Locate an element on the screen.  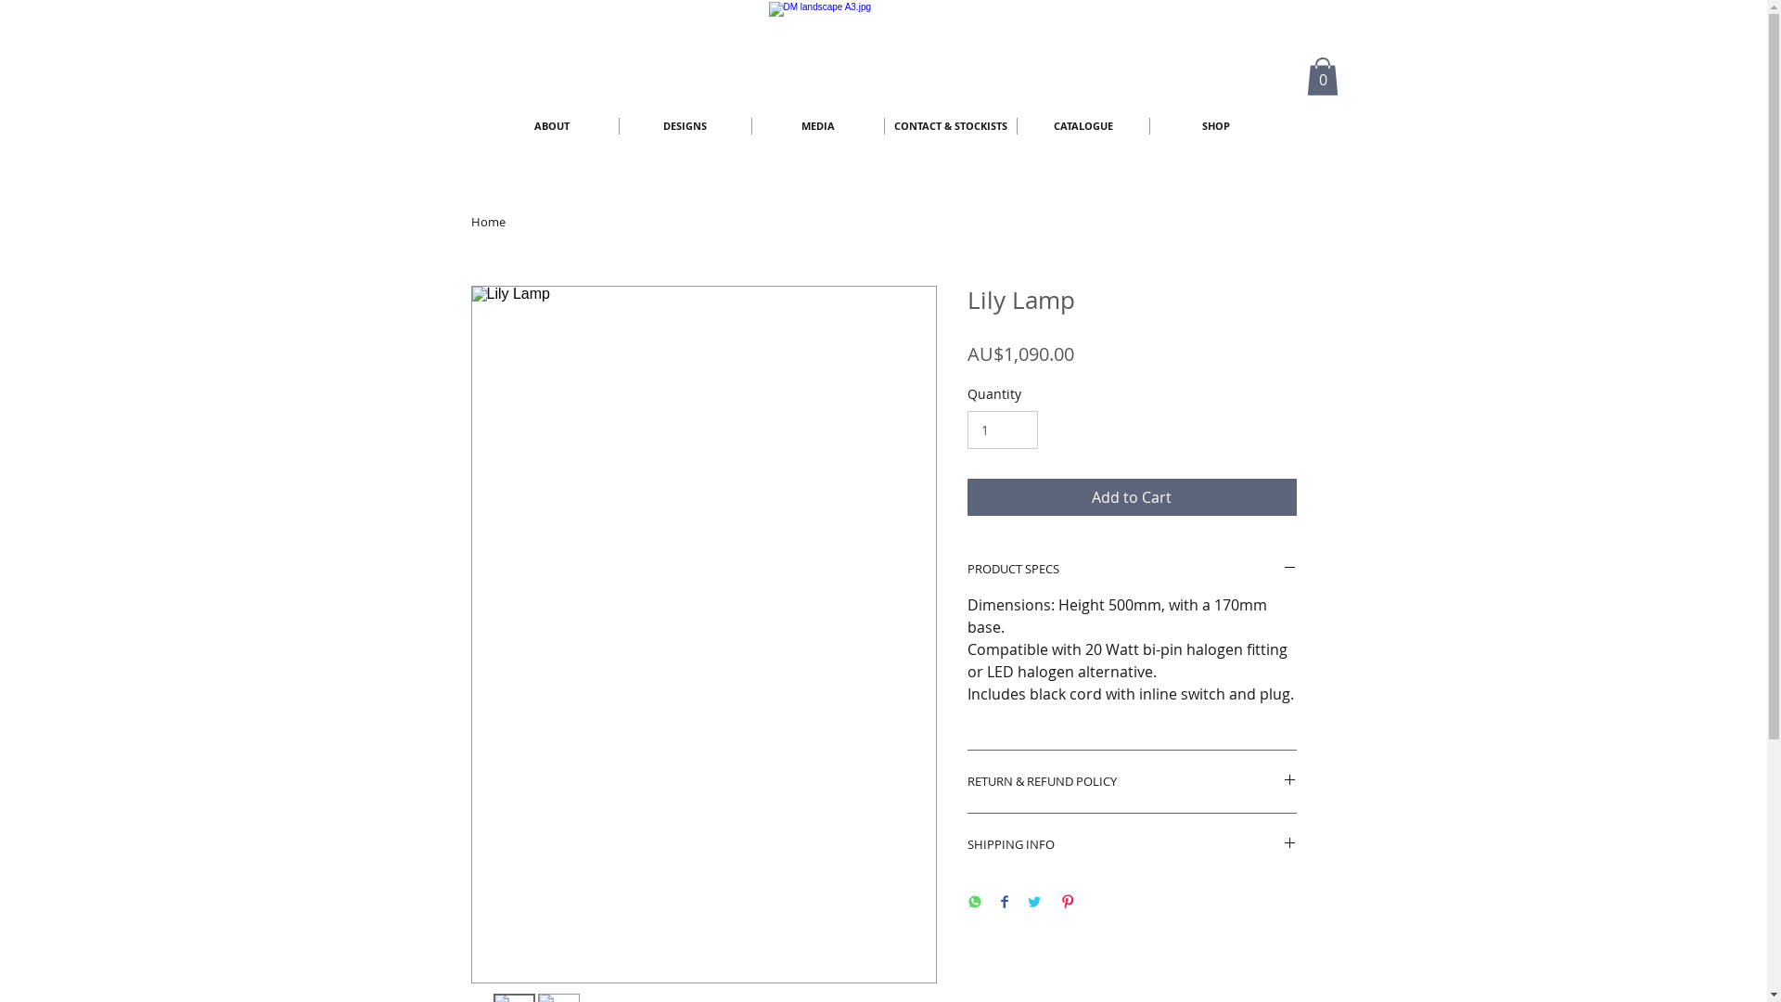
'SHOP' is located at coordinates (1215, 125).